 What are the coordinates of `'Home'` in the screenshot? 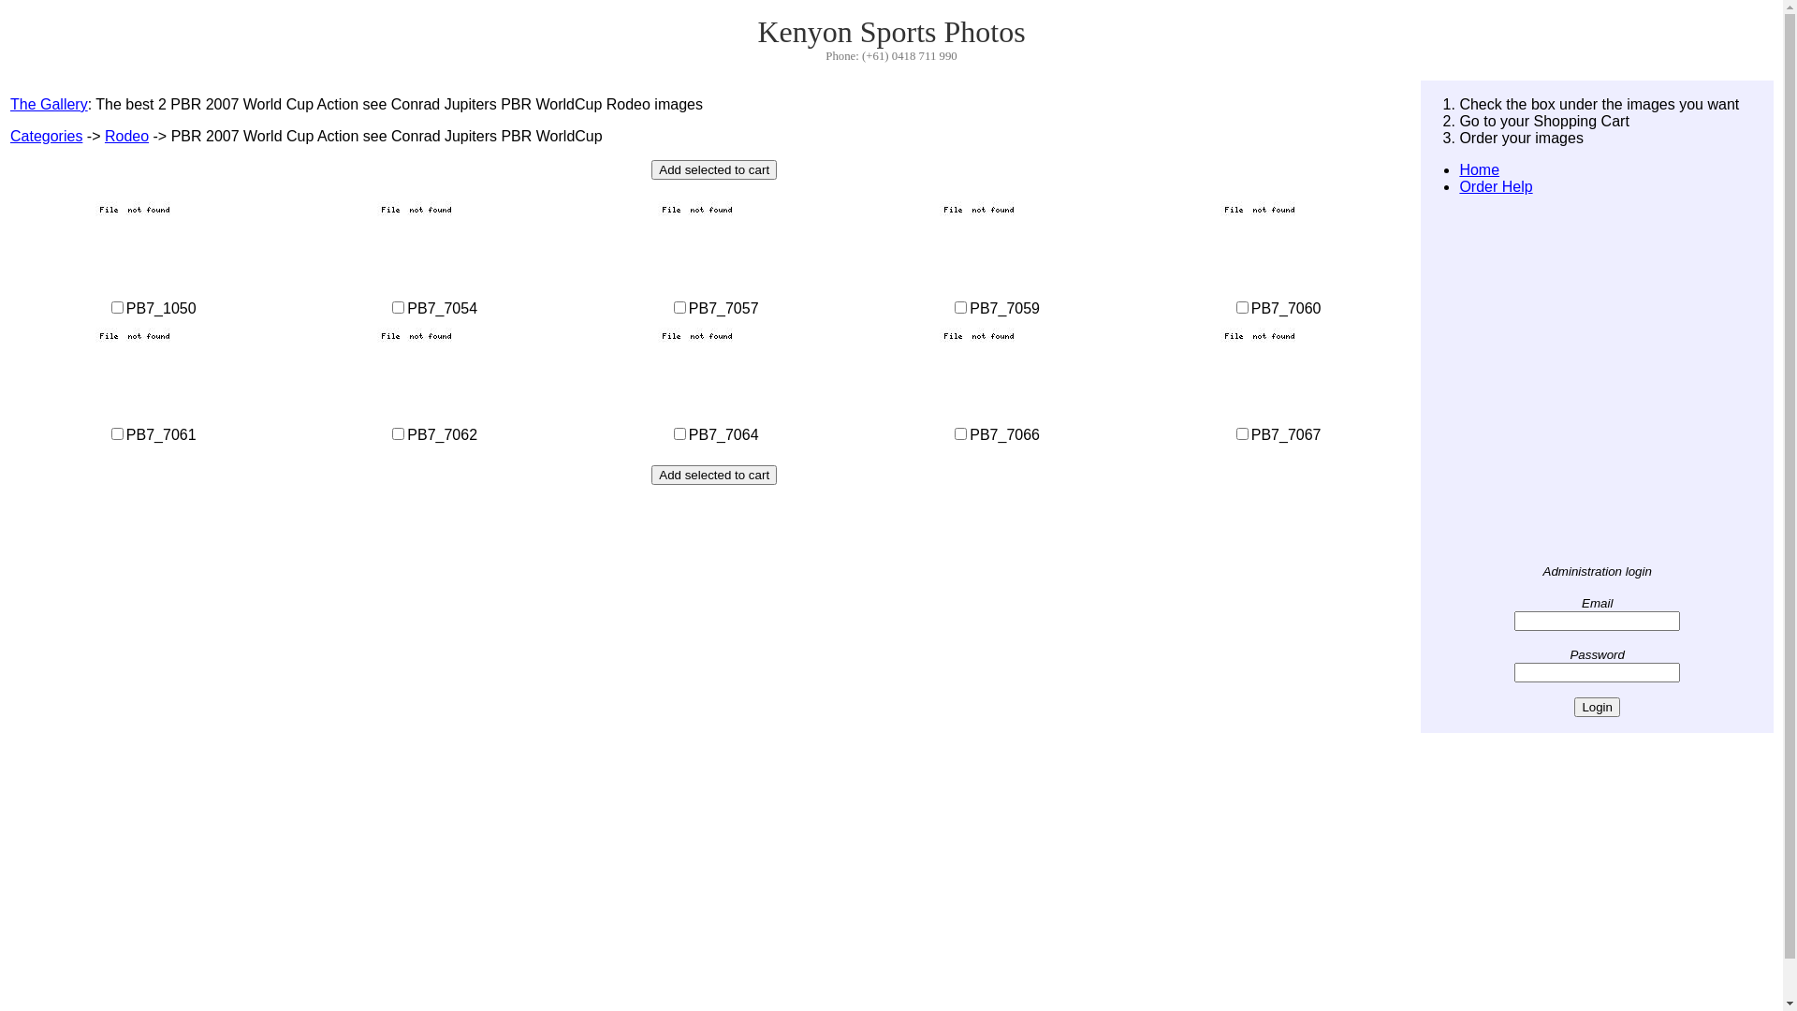 It's located at (1478, 169).